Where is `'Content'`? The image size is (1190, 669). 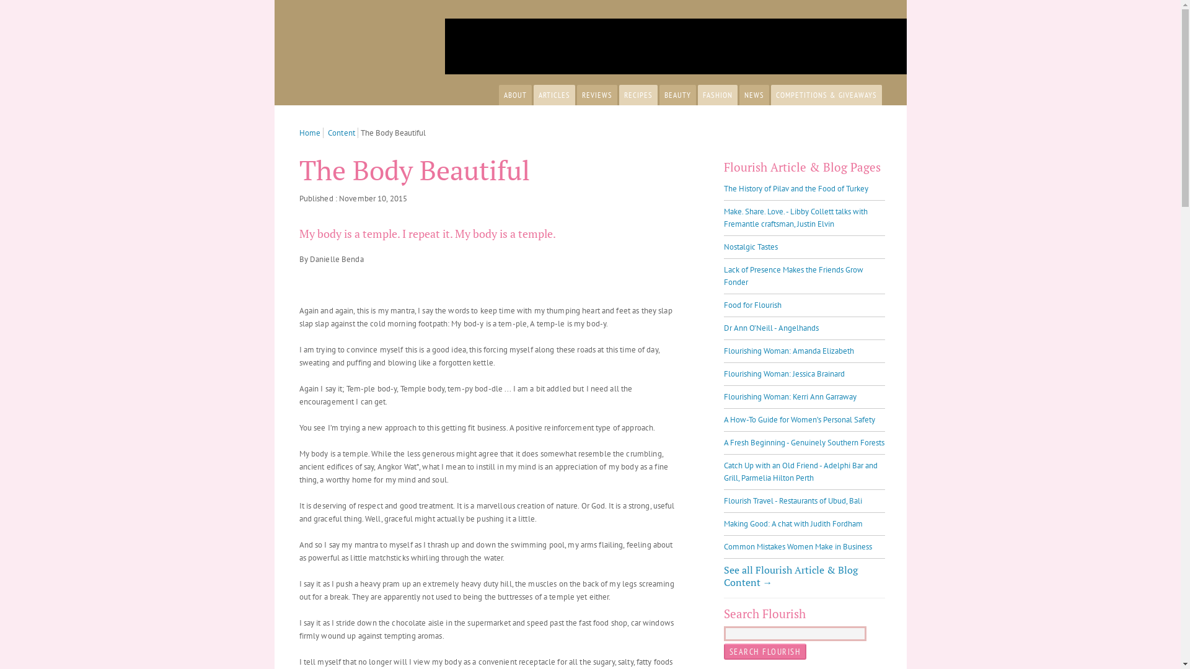
'Content' is located at coordinates (343, 133).